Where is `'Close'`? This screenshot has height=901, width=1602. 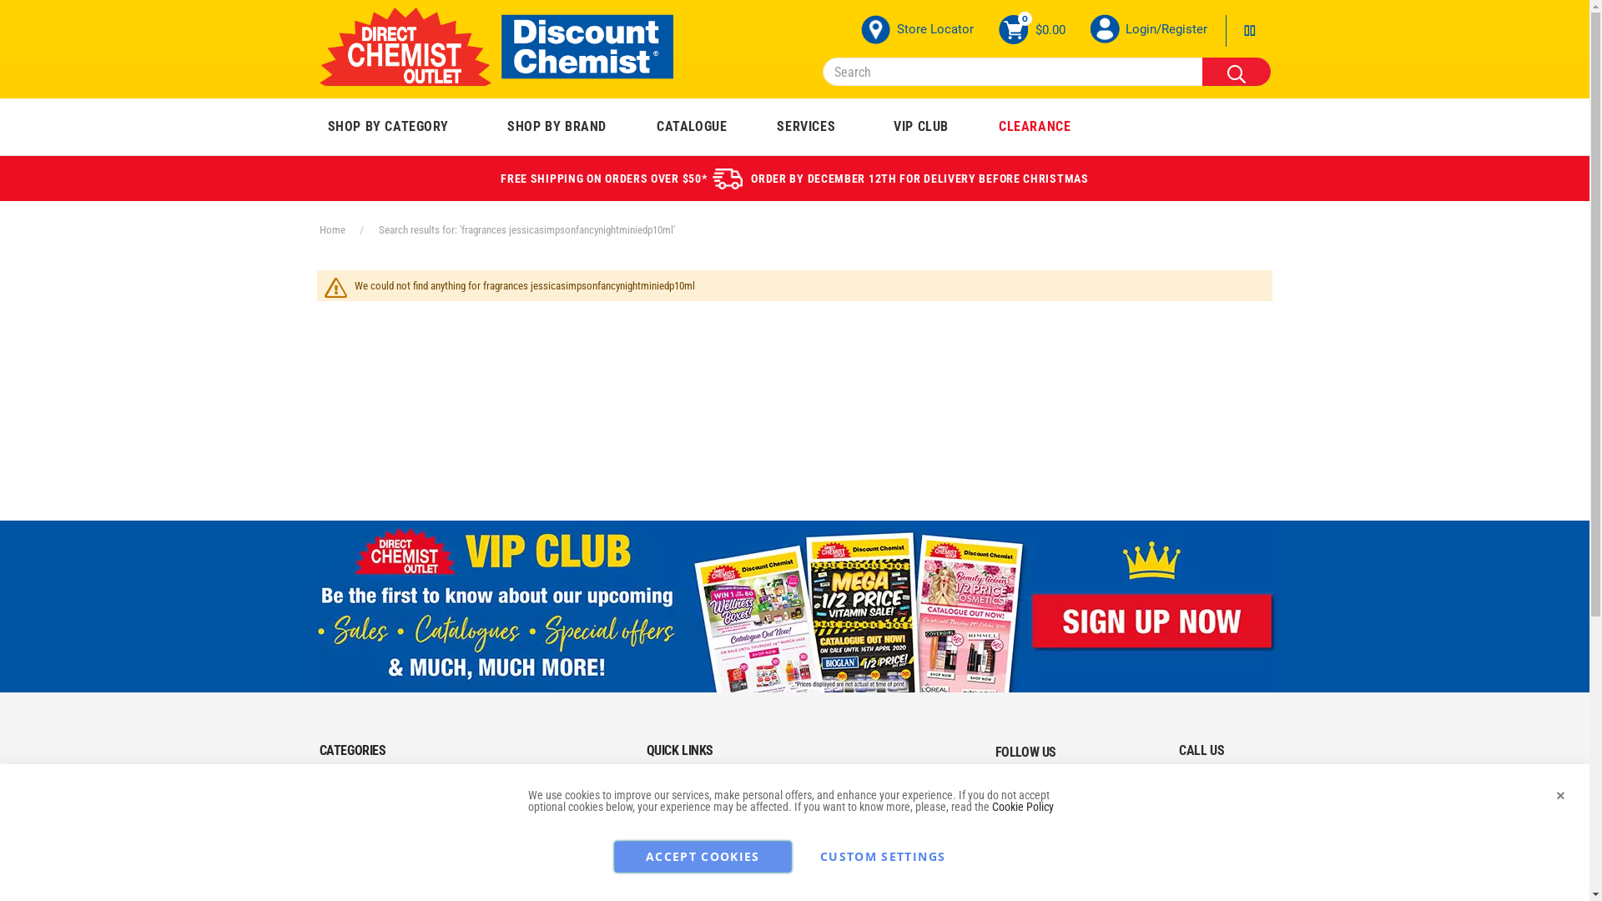 'Close' is located at coordinates (1559, 793).